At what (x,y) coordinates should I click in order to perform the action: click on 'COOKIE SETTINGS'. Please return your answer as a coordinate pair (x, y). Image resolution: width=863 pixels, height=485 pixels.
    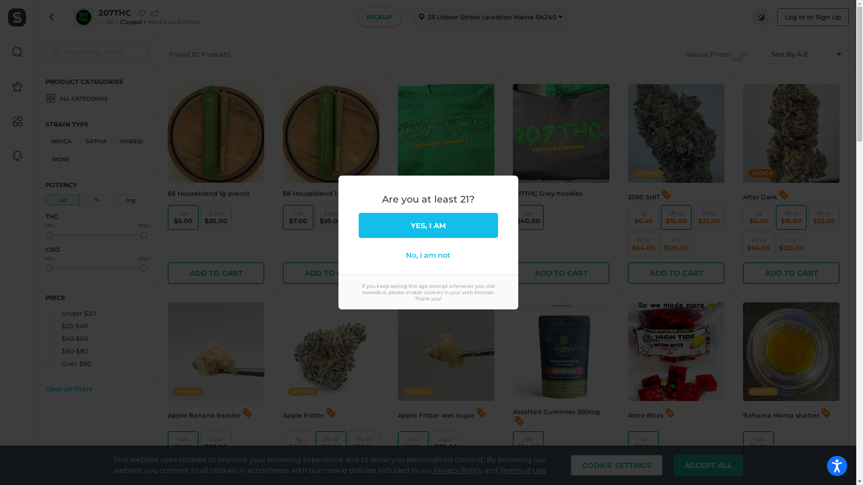
    Looking at the image, I should click on (616, 465).